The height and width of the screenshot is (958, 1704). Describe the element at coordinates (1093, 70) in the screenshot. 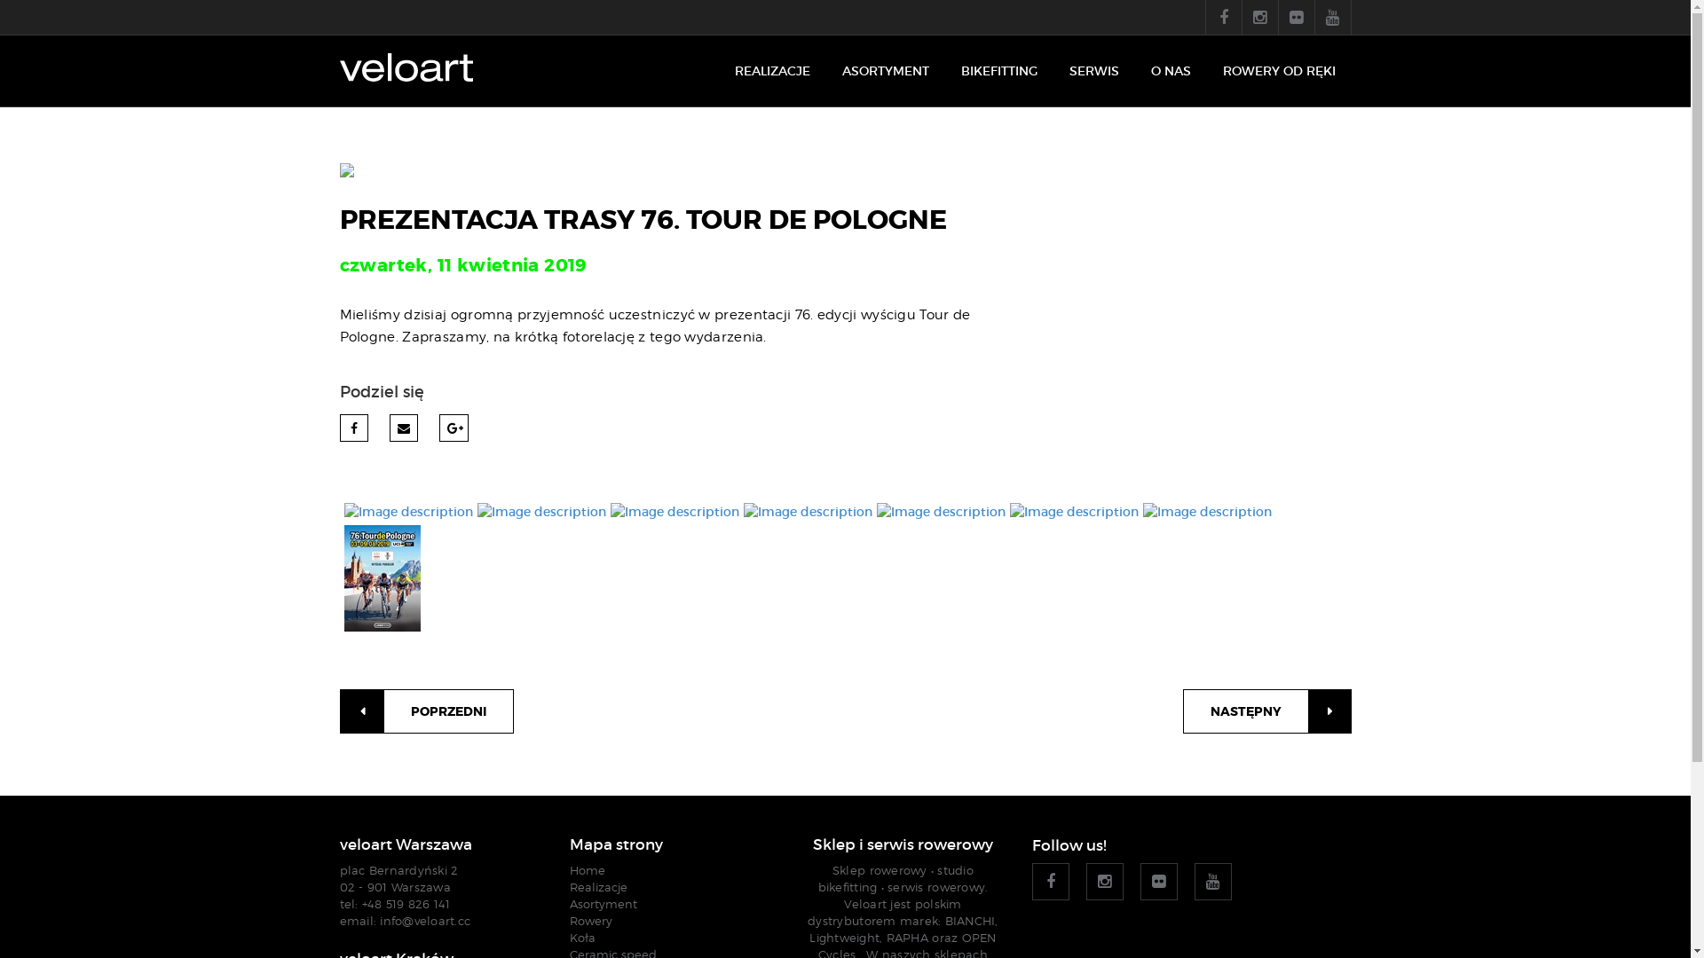

I see `'SERWIS'` at that location.